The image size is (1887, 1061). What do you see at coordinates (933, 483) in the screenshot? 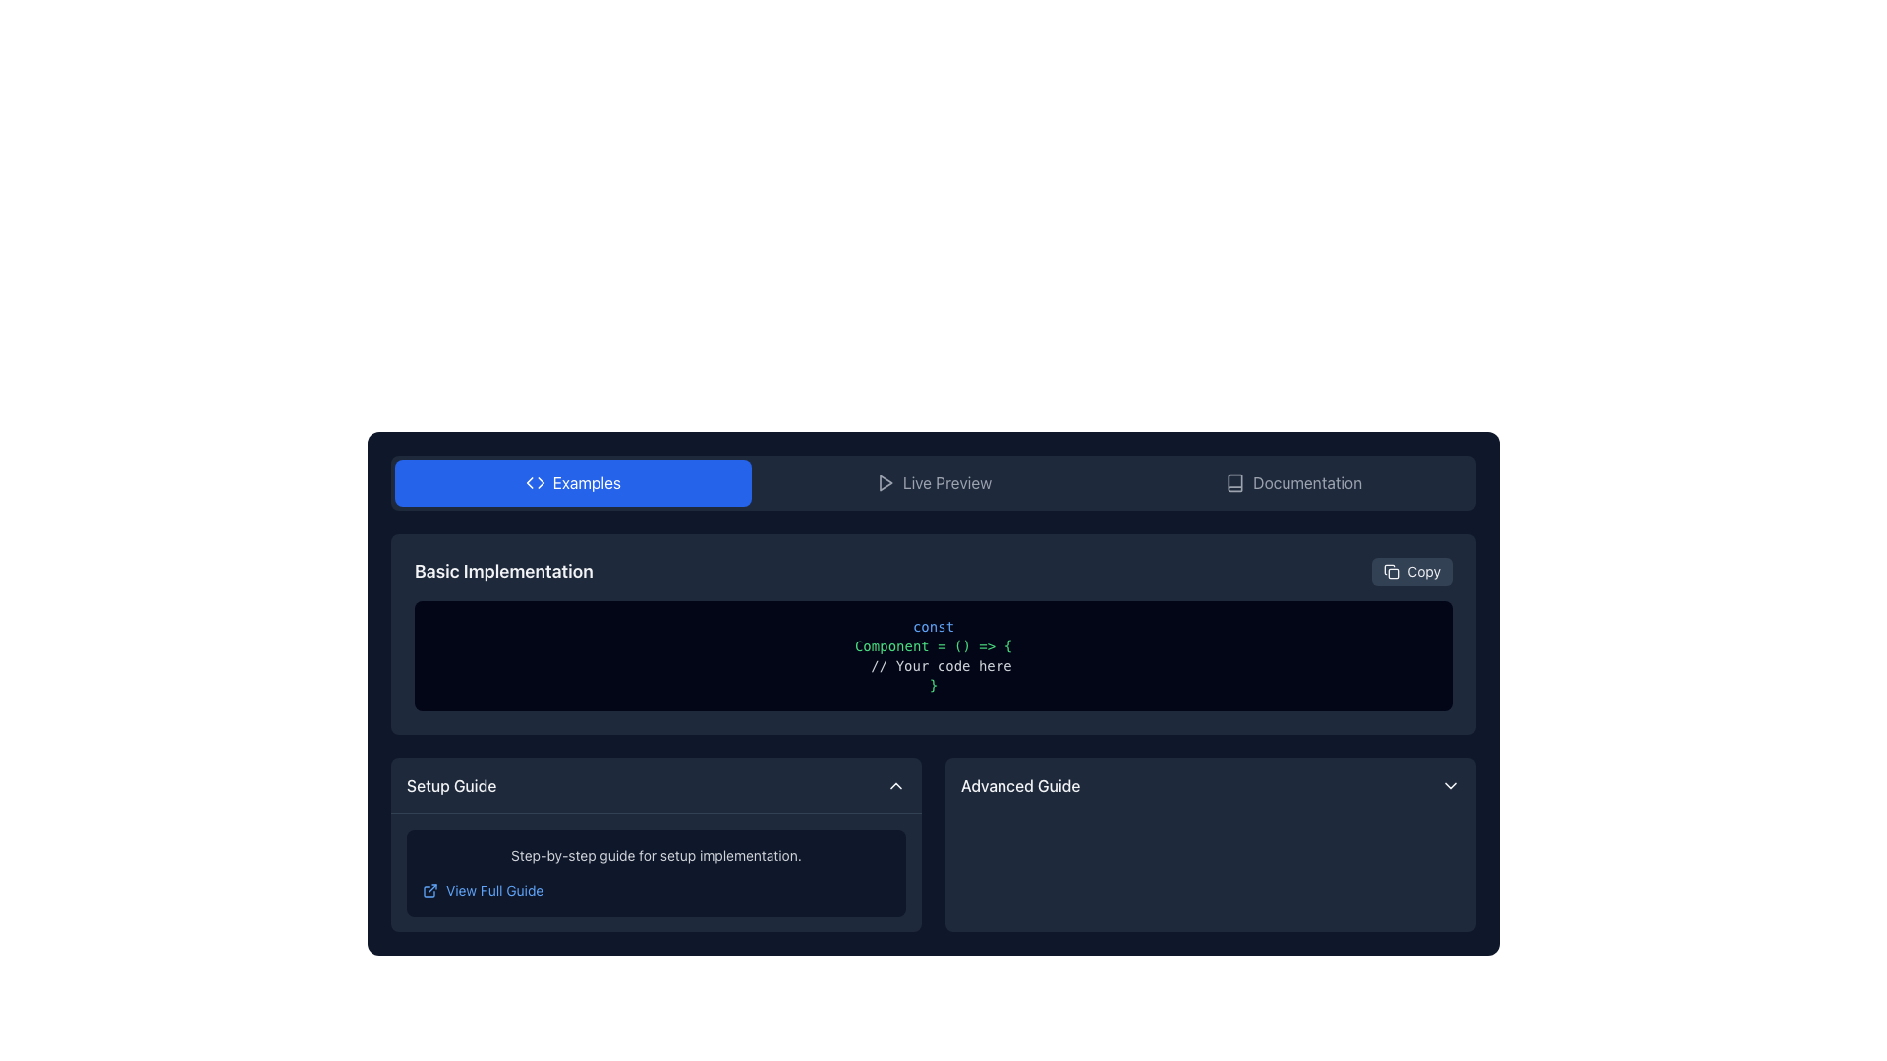
I see `the live preview button, which is the second button in a horizontal group of three buttons, located to the right of the 'Examples' button and to the left of the 'Documentation' button` at bounding box center [933, 483].